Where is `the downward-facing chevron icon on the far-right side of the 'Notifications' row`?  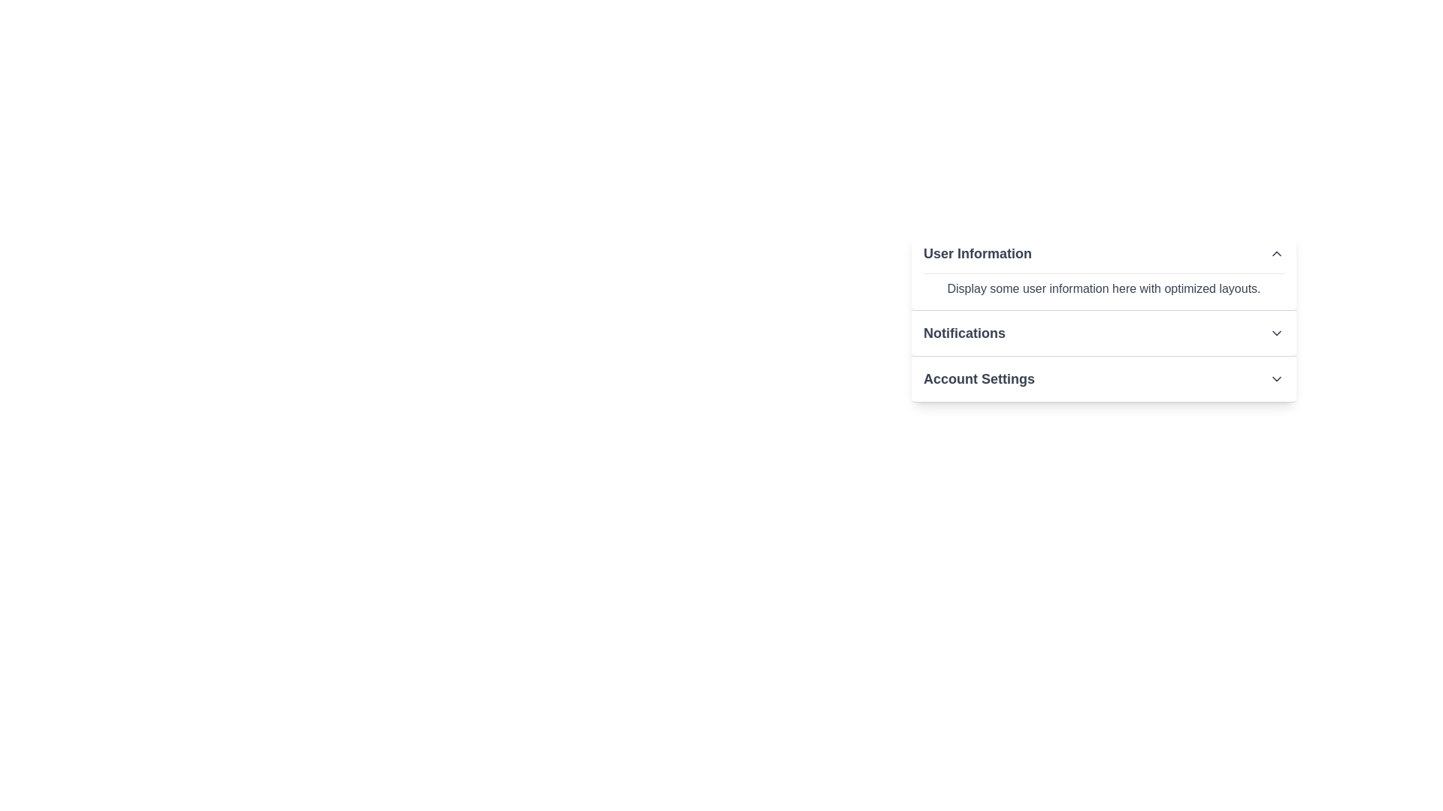
the downward-facing chevron icon on the far-right side of the 'Notifications' row is located at coordinates (1276, 332).